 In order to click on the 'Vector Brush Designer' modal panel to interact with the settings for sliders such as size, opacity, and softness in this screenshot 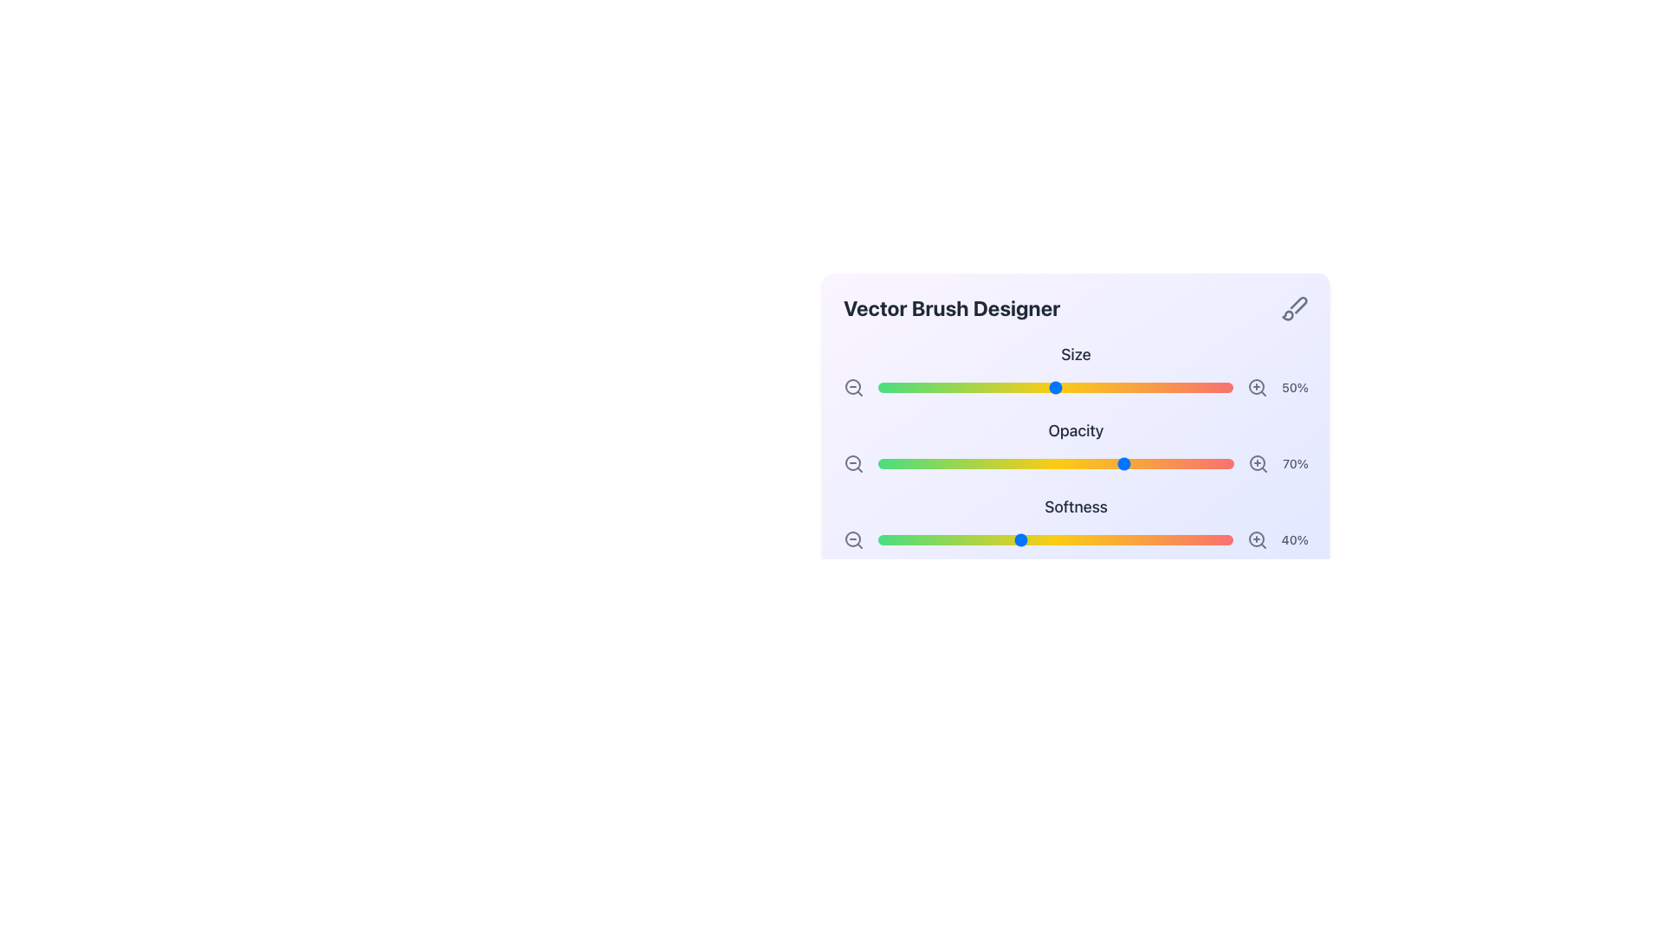, I will do `click(1075, 406)`.